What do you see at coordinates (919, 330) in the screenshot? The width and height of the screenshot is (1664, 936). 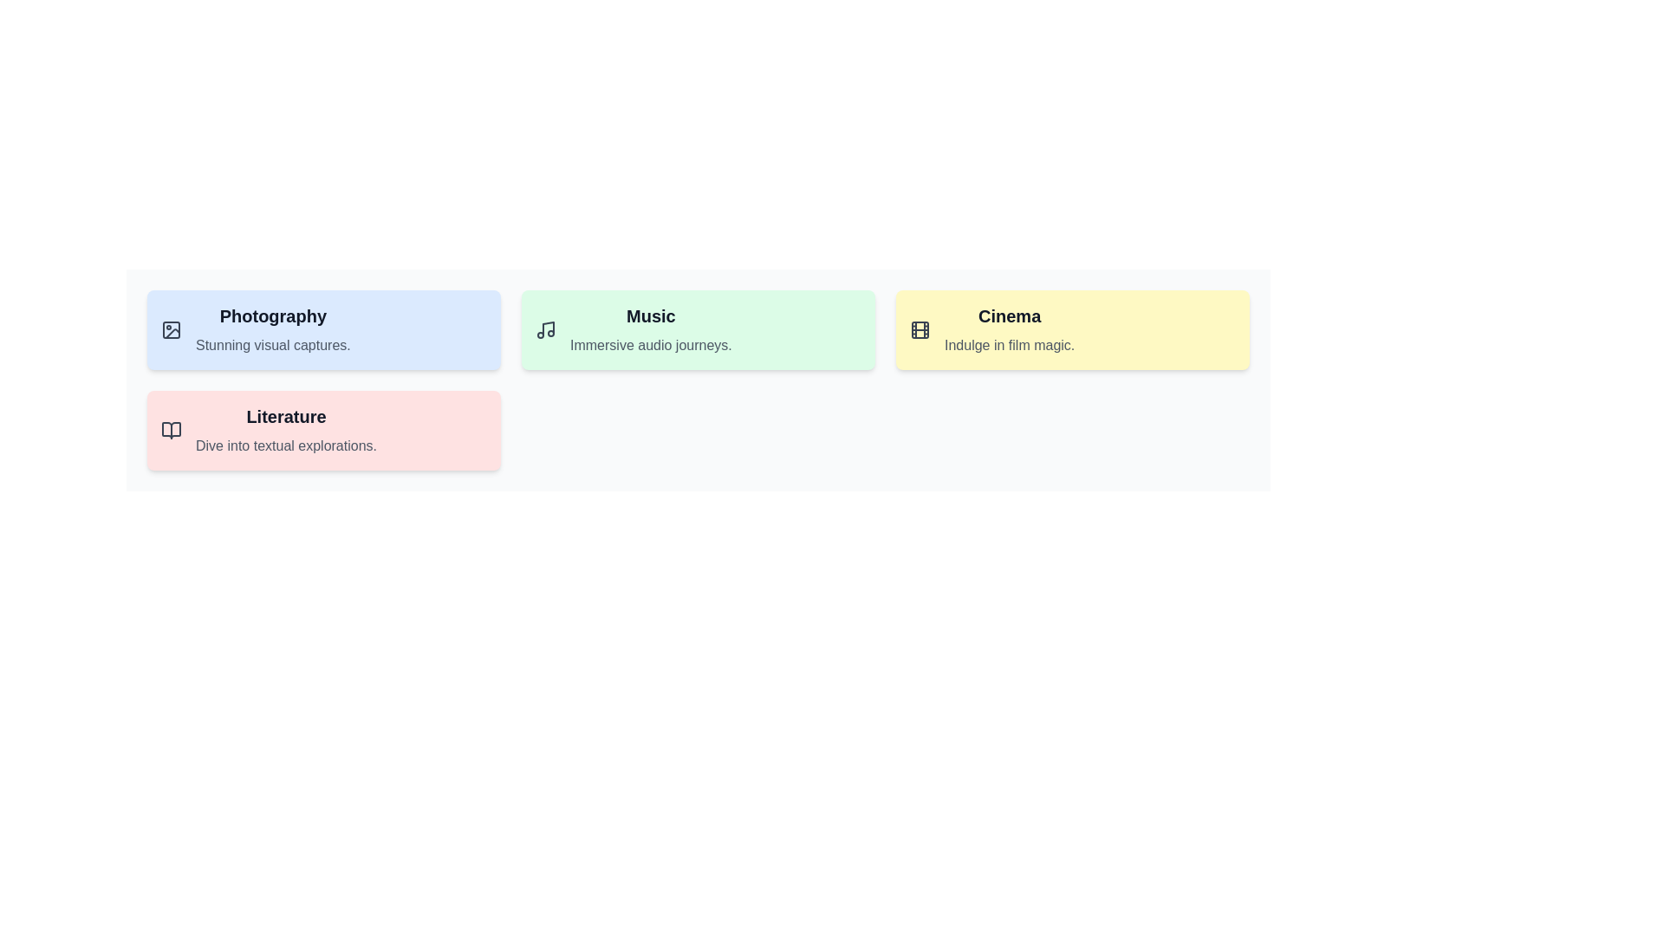 I see `the film-related thematic icon located on the highlighted yellow card in the top-right section of the interface, adjacent to the green and blue cards, and aligned to the left of the header text 'Cinema'` at bounding box center [919, 330].